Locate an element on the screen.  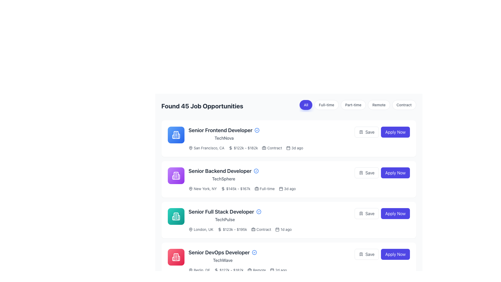
the save icon located inside the 'Save' button next to the 'Senior Full Stack Developer' job listing is located at coordinates (361, 213).